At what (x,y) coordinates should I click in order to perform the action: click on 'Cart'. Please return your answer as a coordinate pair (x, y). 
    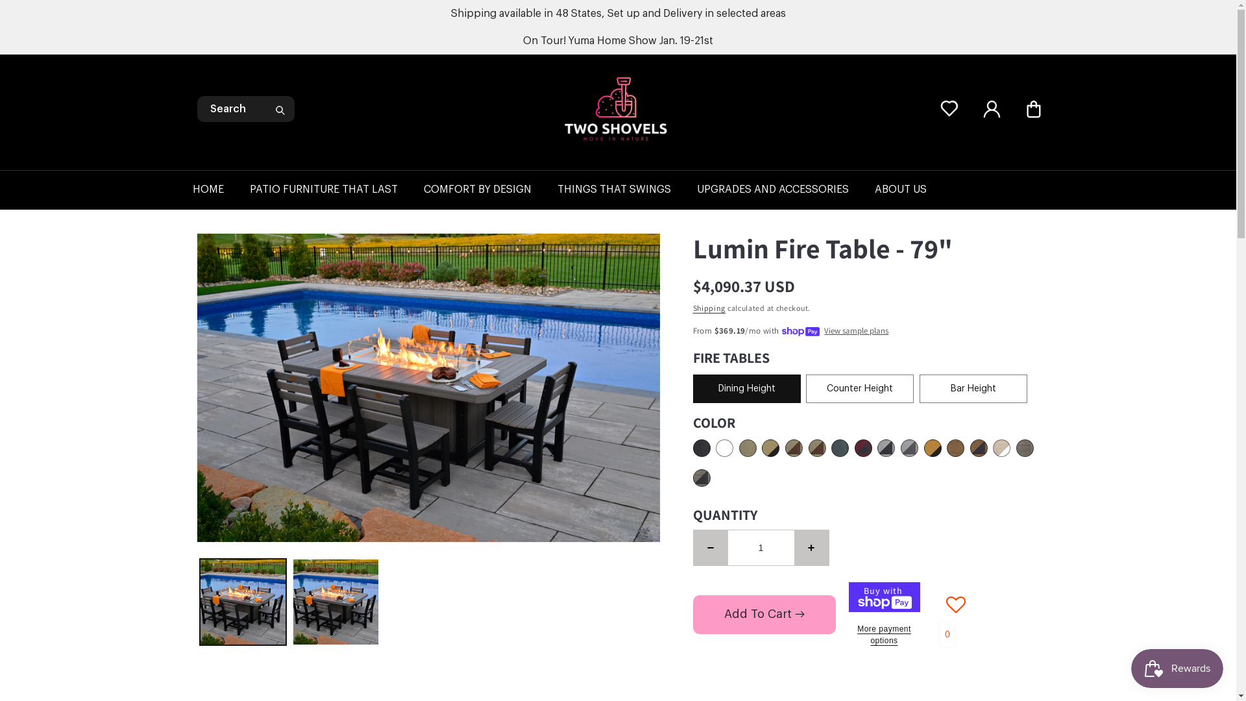
    Looking at the image, I should click on (1032, 108).